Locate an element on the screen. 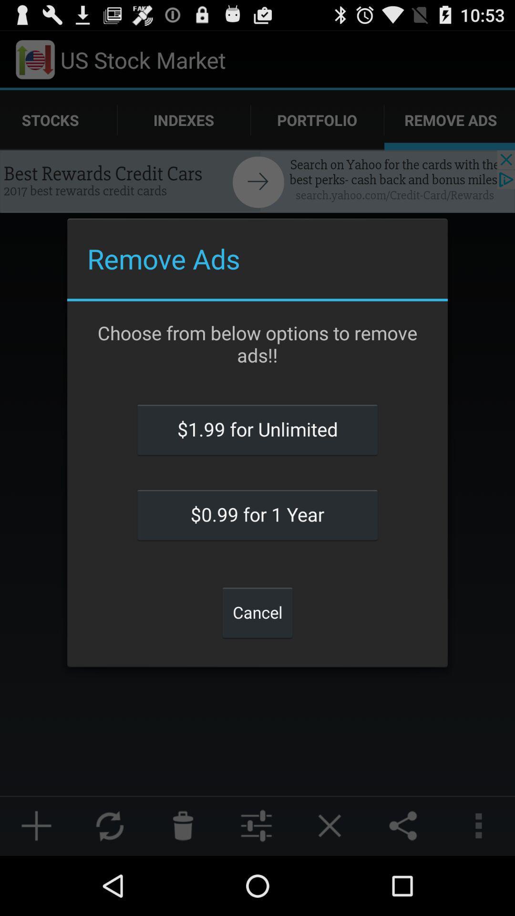 Image resolution: width=515 pixels, height=916 pixels. cancel icon is located at coordinates (257, 612).